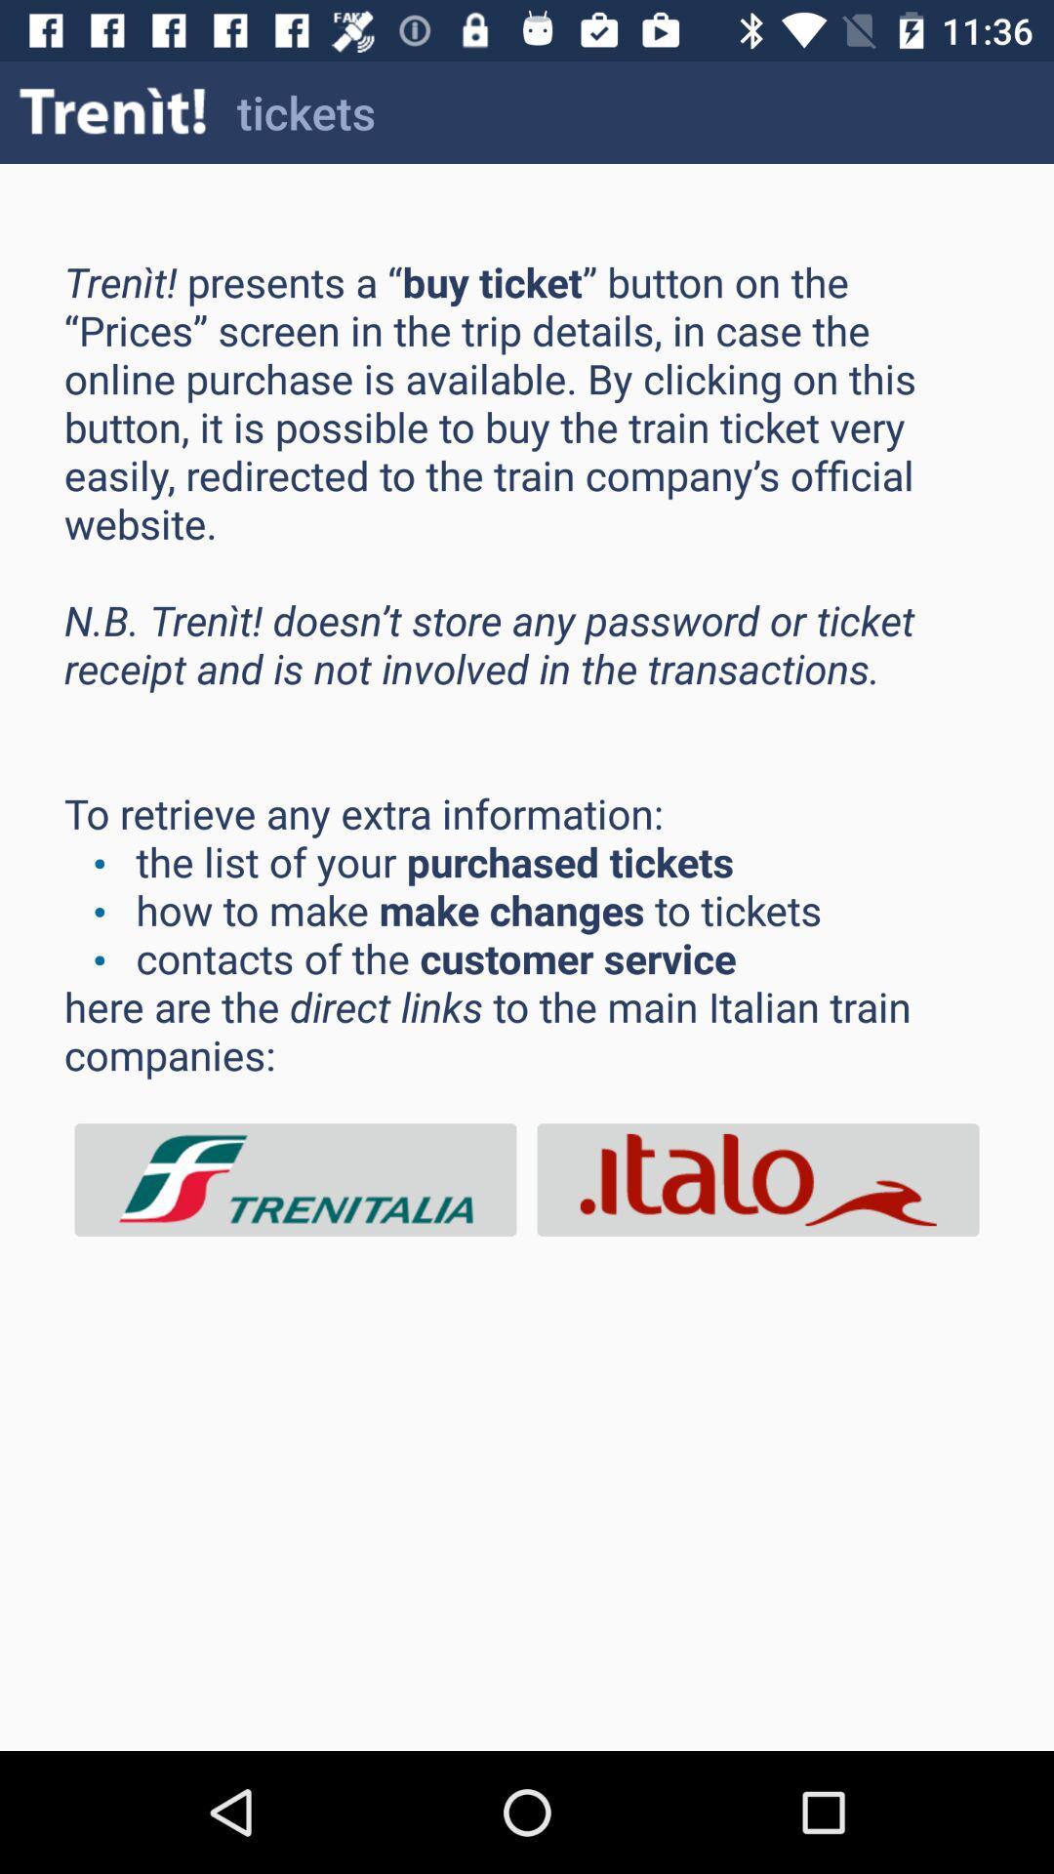 This screenshot has height=1874, width=1054. I want to click on trenitalia website, so click(296, 1179).